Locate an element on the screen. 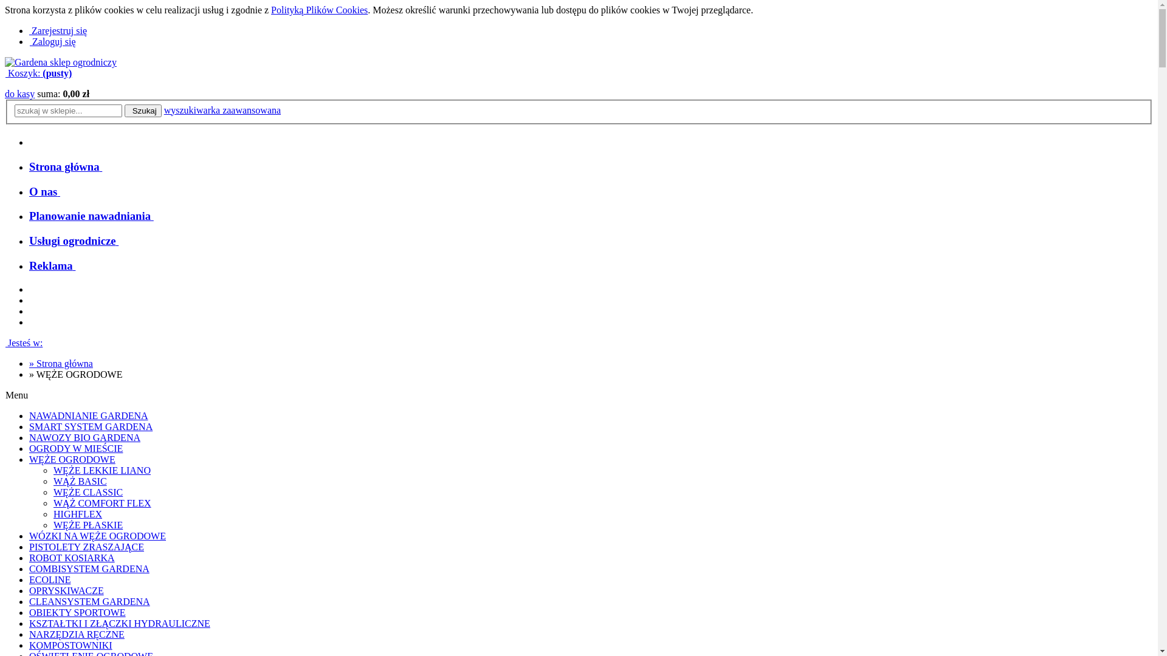 The height and width of the screenshot is (656, 1167). 'CLEANSYSTEM GARDENA' is located at coordinates (89, 601).